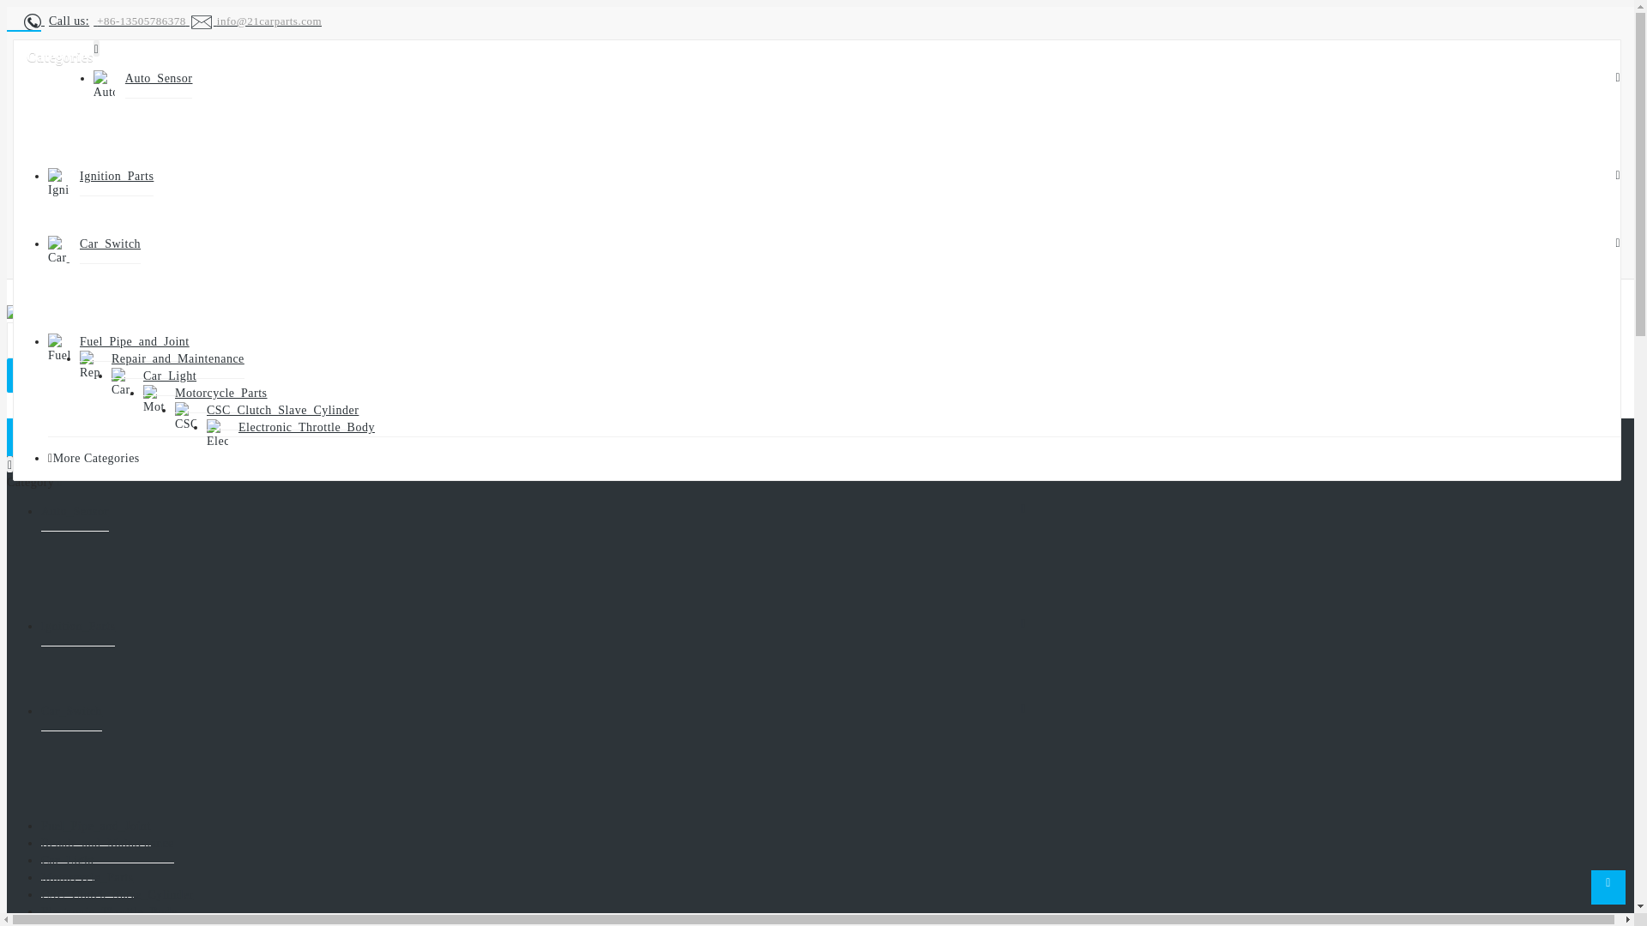 The height and width of the screenshot is (926, 1647). What do you see at coordinates (57, 199) in the screenshot?
I see `'My Account '` at bounding box center [57, 199].